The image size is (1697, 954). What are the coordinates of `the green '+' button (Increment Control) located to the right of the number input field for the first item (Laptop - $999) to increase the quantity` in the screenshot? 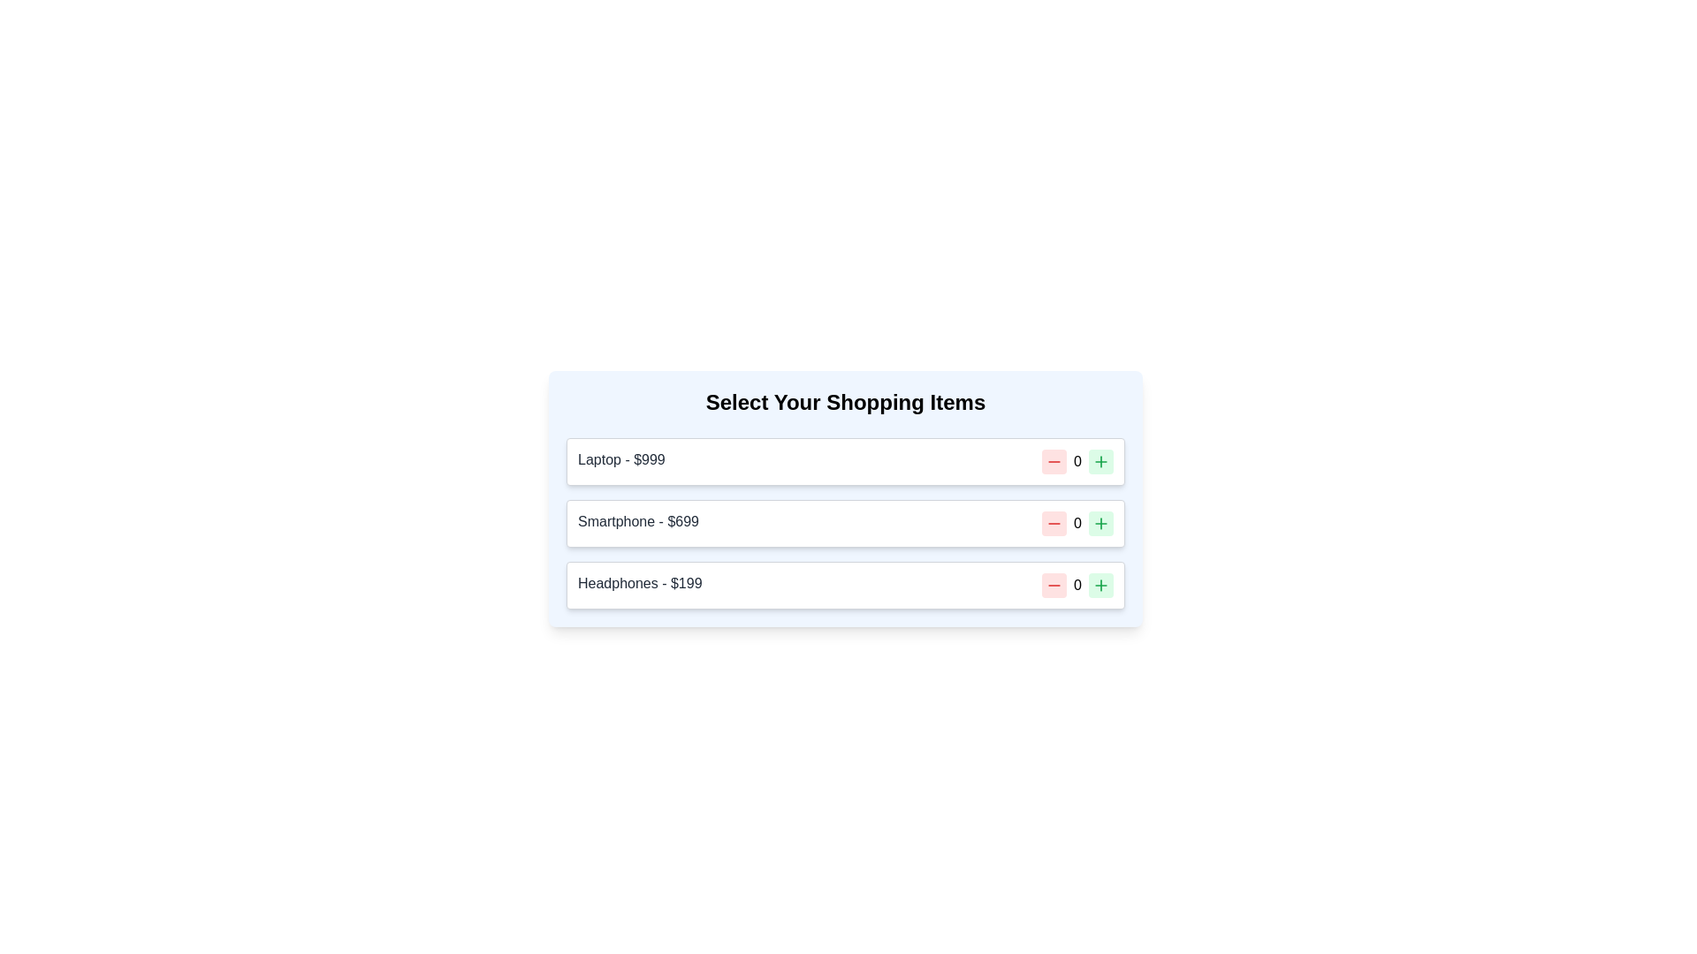 It's located at (1100, 461).